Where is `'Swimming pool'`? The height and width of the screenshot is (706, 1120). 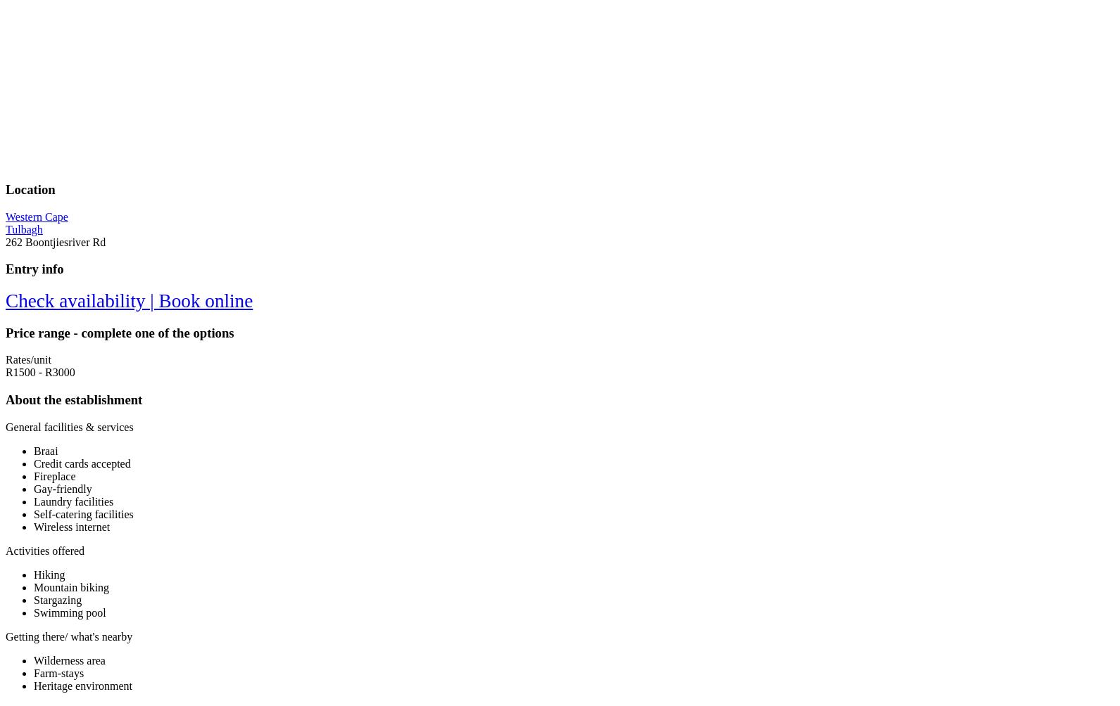
'Swimming pool' is located at coordinates (69, 612).